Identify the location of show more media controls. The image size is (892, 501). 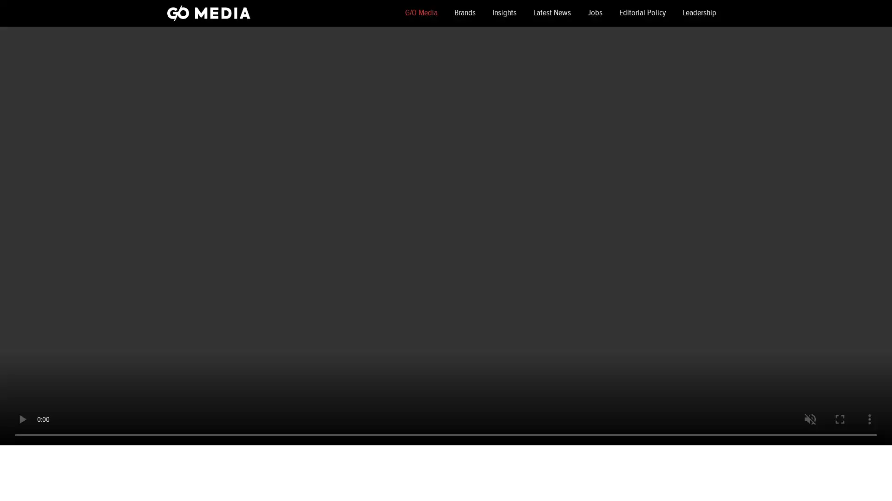
(869, 419).